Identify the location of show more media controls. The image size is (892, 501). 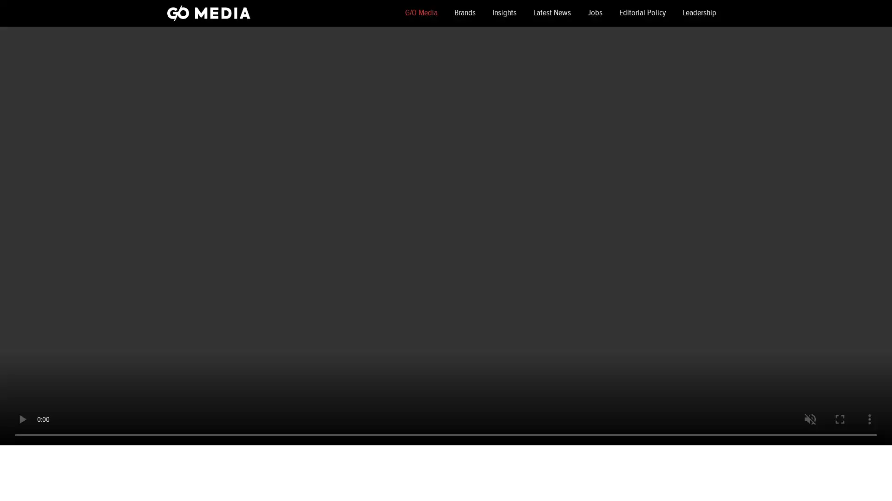
(869, 419).